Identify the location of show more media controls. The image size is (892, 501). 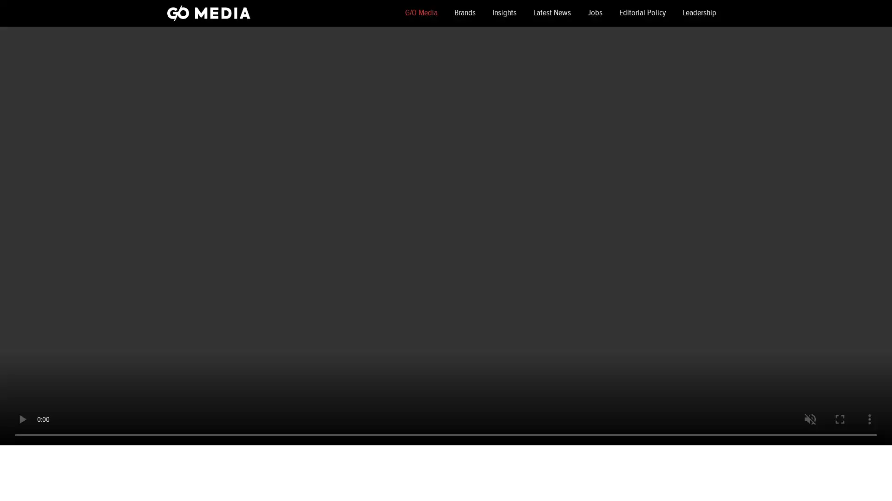
(869, 419).